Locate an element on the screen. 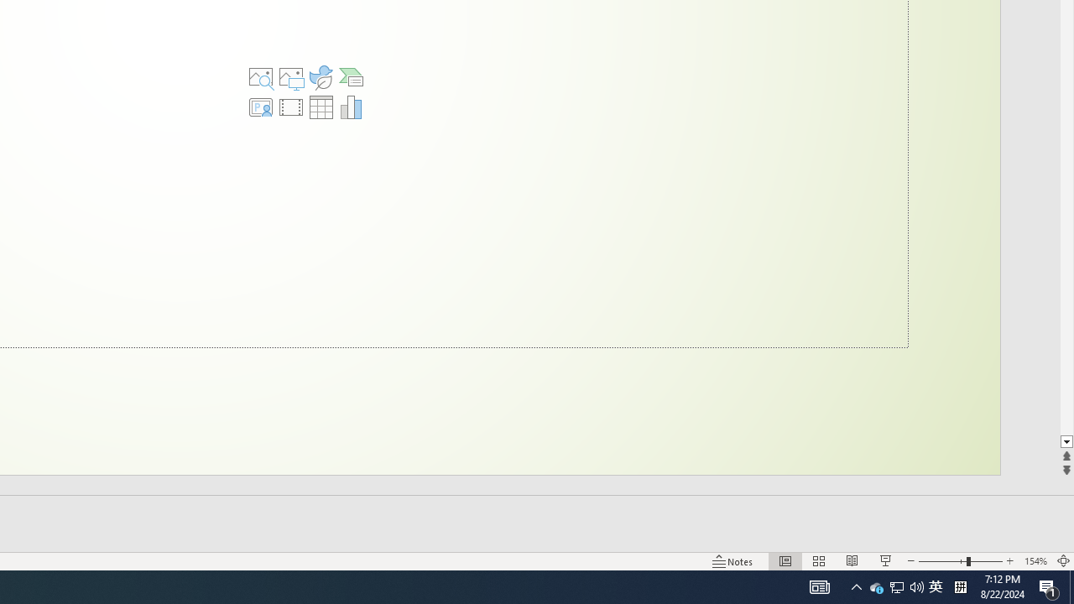  'Insert an Icon' is located at coordinates (321, 77).